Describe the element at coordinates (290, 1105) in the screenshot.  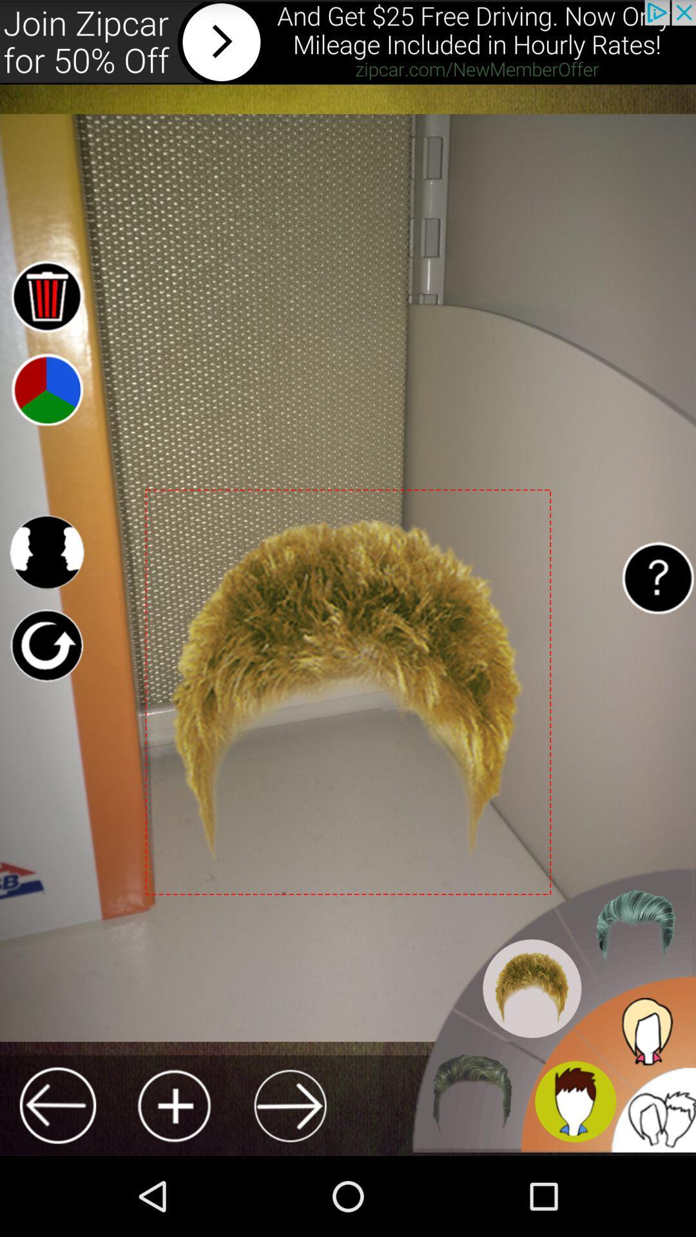
I see `next item` at that location.